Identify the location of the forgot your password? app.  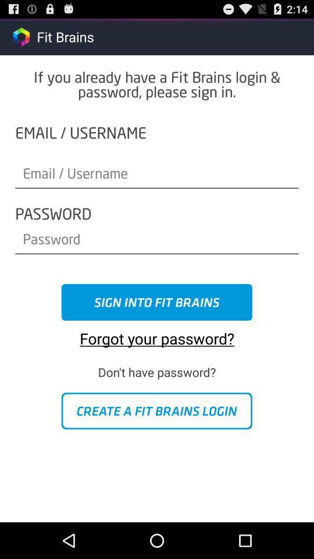
(157, 334).